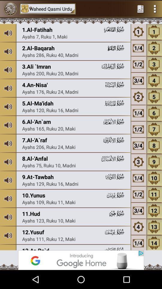  What do you see at coordinates (140, 9) in the screenshot?
I see `the bookmark icon` at bounding box center [140, 9].